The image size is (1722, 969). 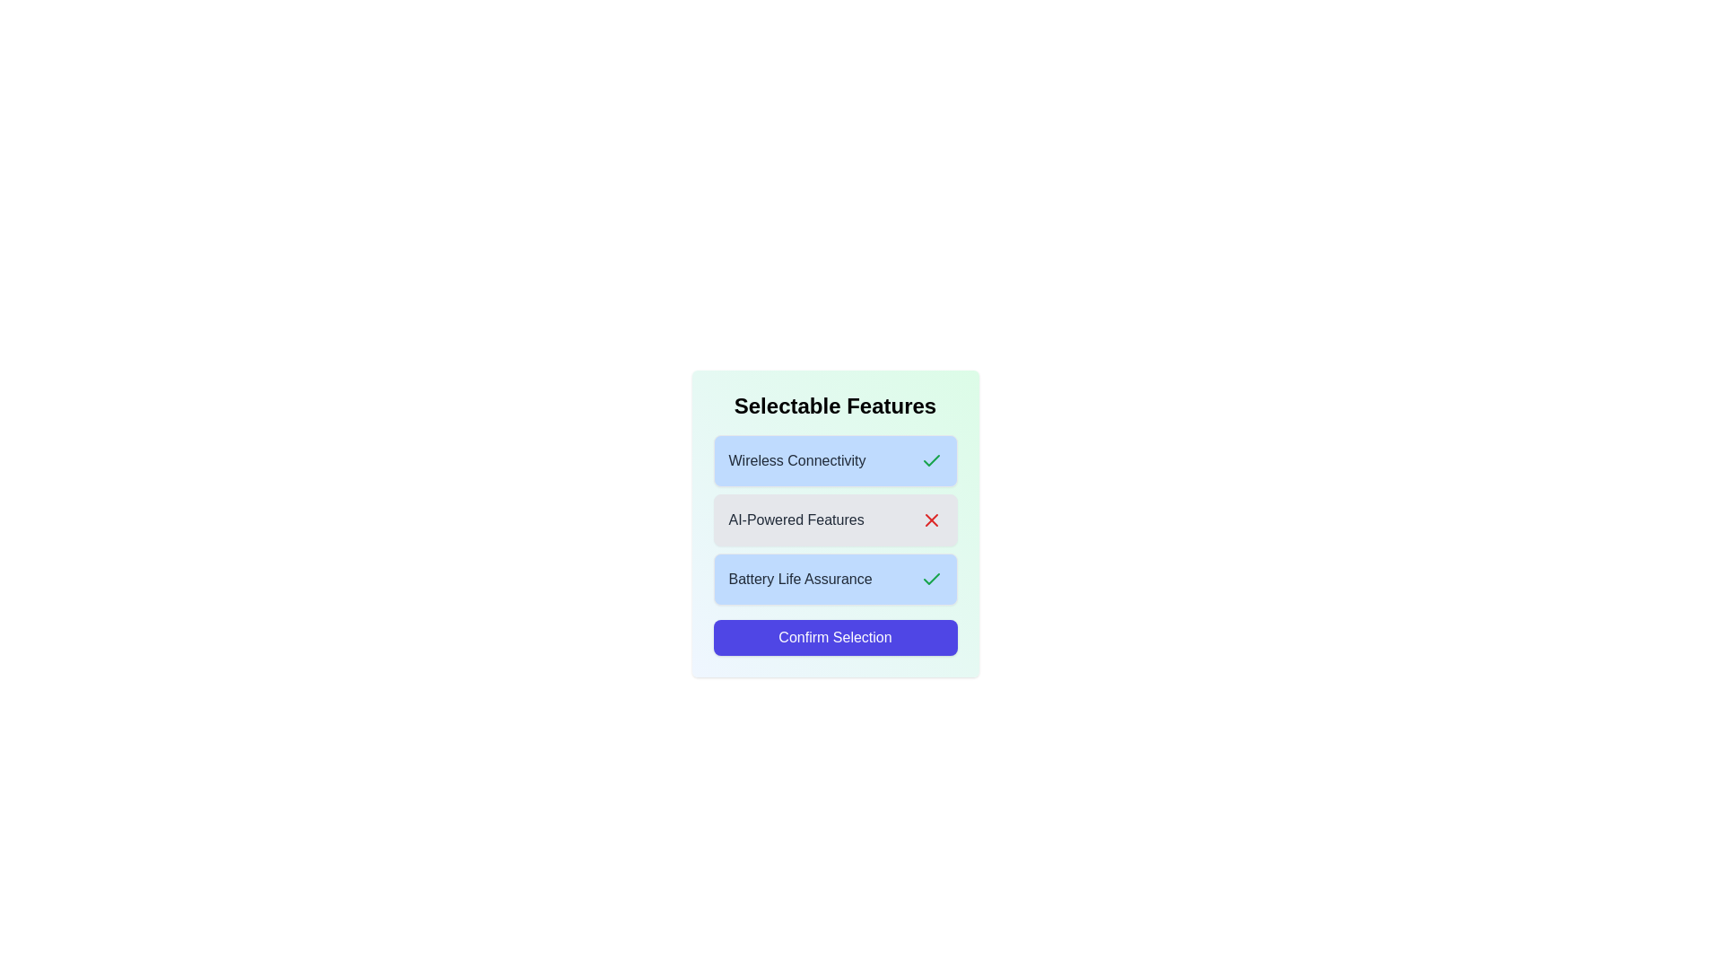 What do you see at coordinates (834, 459) in the screenshot?
I see `the first selectable feature option in the list, which represents 'Wireless Connectivity' and is indicated by a green checkmark icon` at bounding box center [834, 459].